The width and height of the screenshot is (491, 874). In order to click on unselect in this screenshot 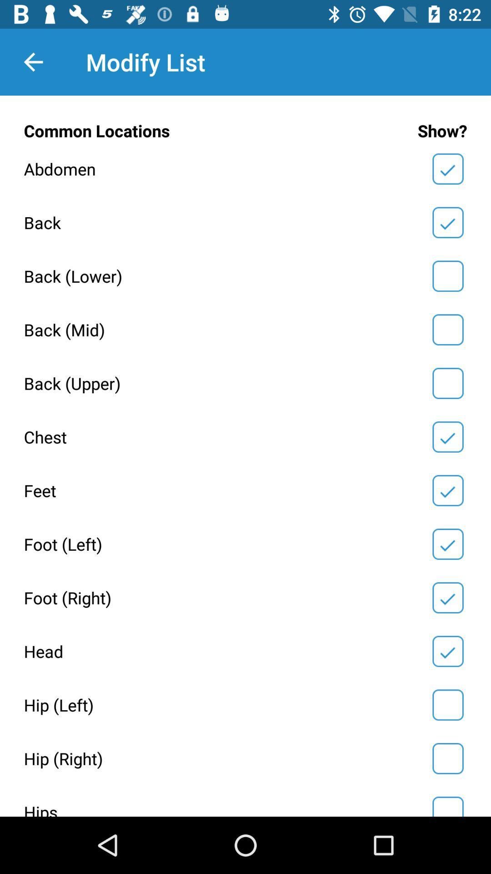, I will do `click(447, 544)`.